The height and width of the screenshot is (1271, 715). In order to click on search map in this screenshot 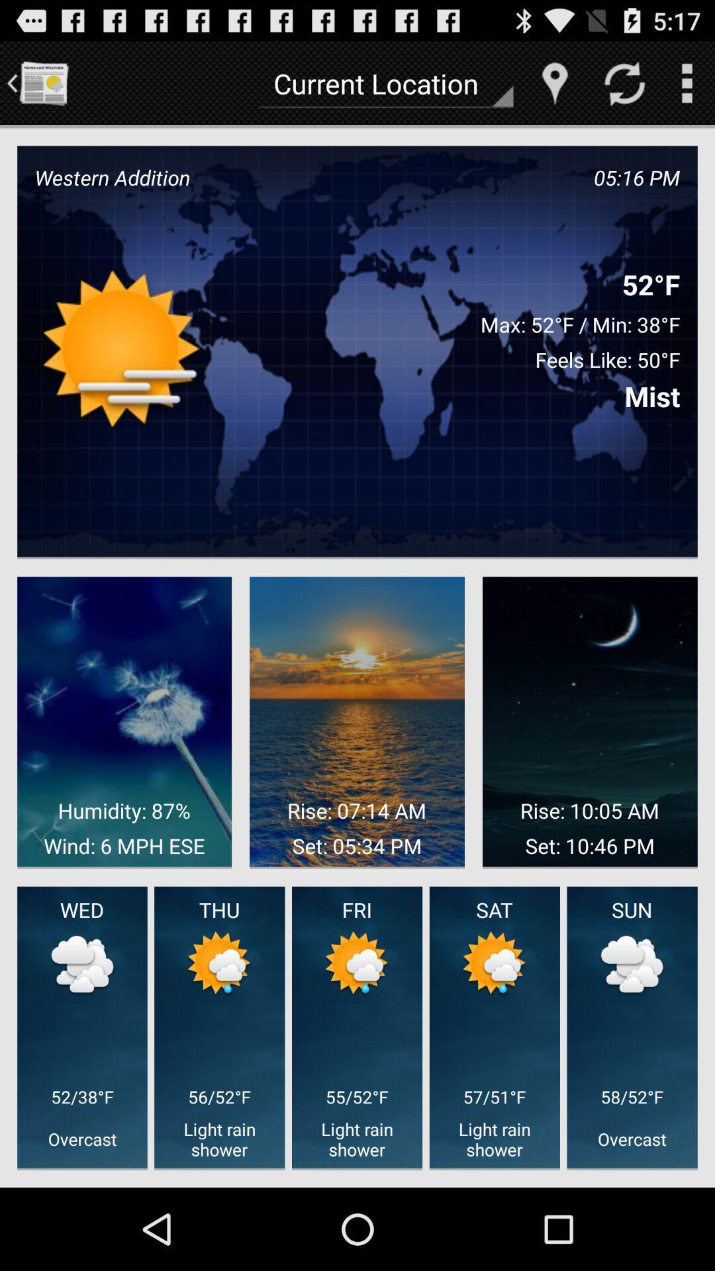, I will do `click(555, 82)`.